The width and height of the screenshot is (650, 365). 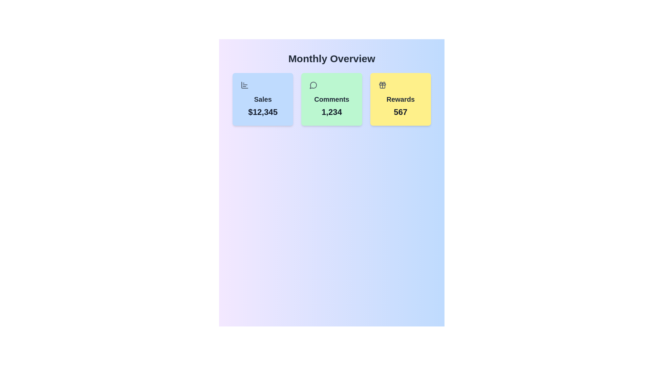 What do you see at coordinates (262, 112) in the screenshot?
I see `the bold text label displaying the number '$12,345' in black font against a light blue background` at bounding box center [262, 112].